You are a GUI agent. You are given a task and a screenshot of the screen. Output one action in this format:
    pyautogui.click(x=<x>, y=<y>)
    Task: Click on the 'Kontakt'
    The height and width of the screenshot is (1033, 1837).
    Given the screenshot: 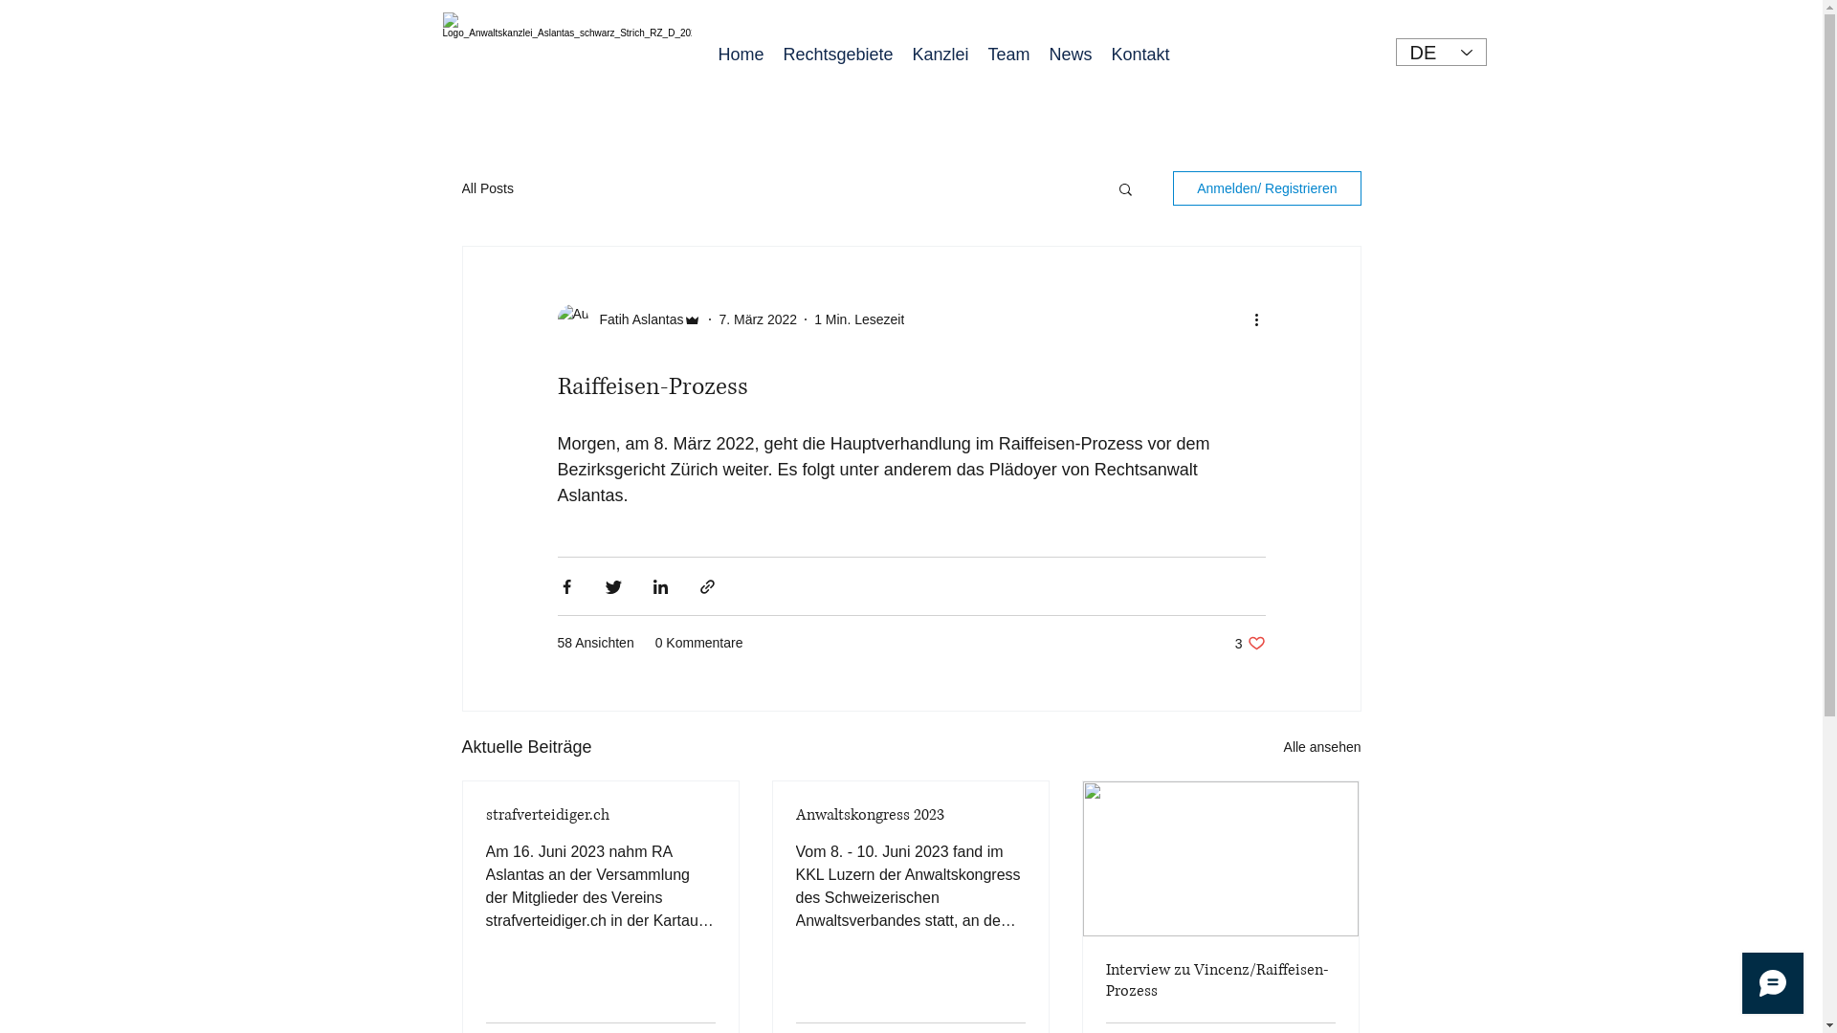 What is the action you would take?
    pyautogui.click(x=1102, y=54)
    